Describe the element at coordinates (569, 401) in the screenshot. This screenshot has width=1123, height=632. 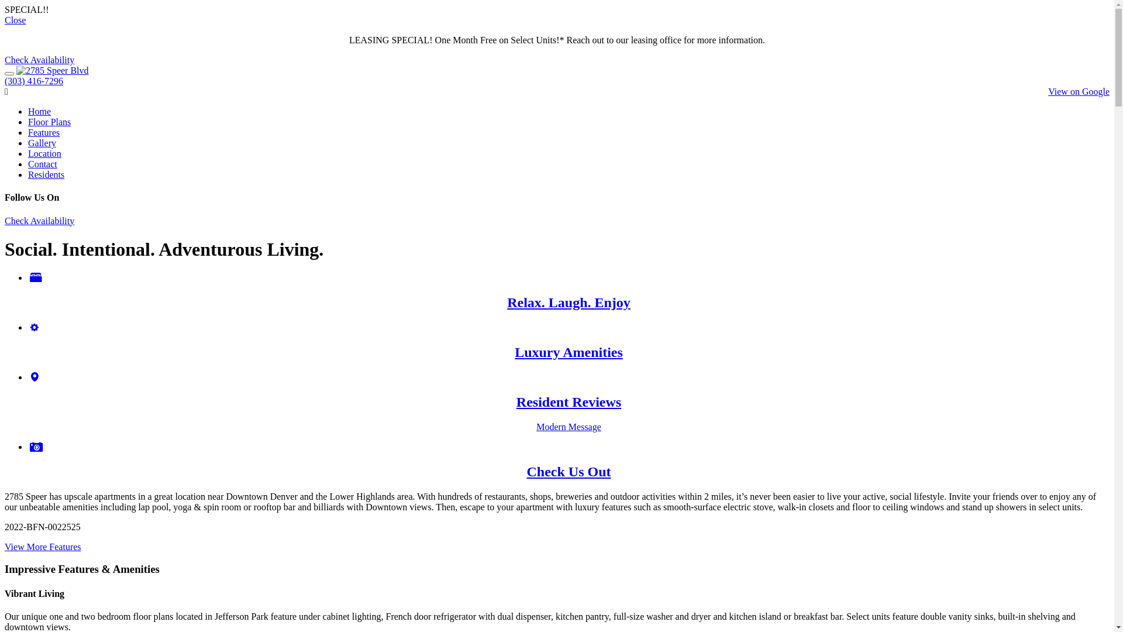
I see `'Resident Reviews` at that location.